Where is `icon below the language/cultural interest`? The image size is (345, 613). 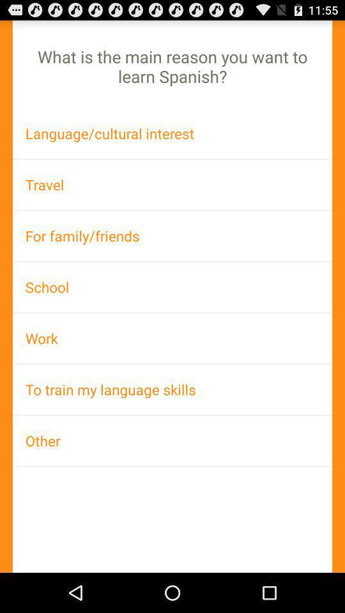
icon below the language/cultural interest is located at coordinates (172, 184).